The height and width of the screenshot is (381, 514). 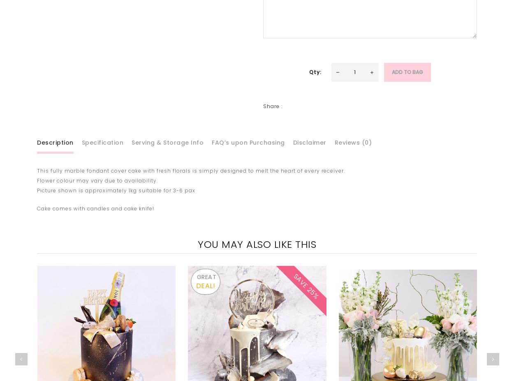 What do you see at coordinates (194, 276) in the screenshot?
I see `'GREAT'` at bounding box center [194, 276].